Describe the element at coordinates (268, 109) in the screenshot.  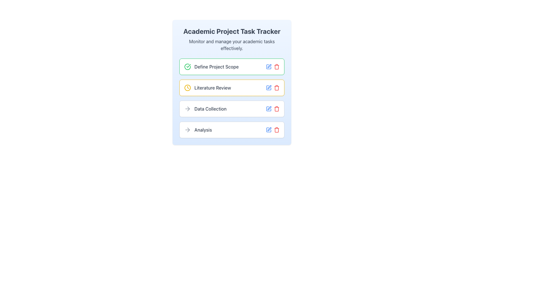
I see `the editing icon for the 'Data Collection' task` at that location.